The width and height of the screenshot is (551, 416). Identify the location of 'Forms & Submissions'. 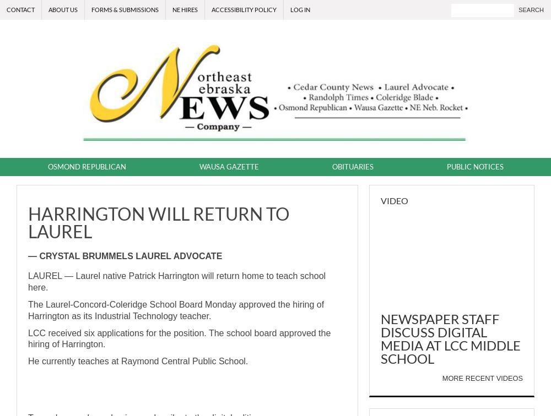
(125, 9).